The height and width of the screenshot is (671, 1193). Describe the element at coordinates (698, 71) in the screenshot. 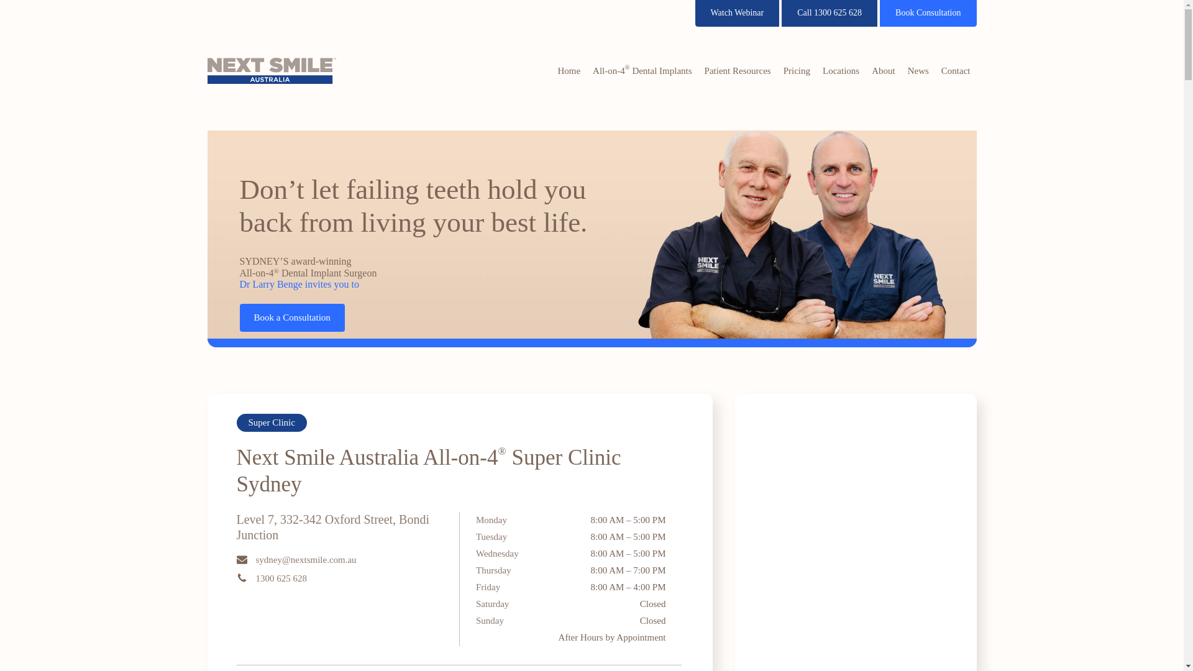

I see `'Patient Resources'` at that location.